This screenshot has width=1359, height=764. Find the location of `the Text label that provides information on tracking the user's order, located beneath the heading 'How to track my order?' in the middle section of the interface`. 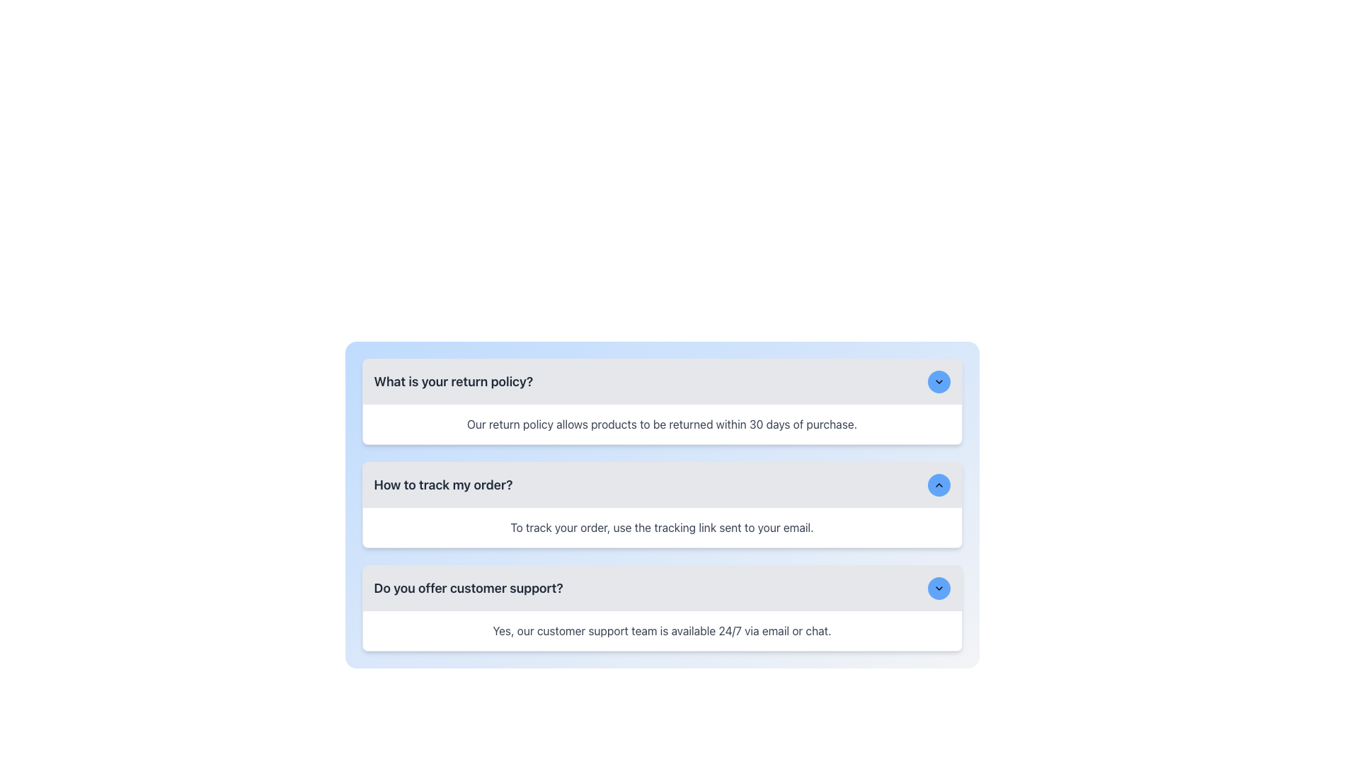

the Text label that provides information on tracking the user's order, located beneath the heading 'How to track my order?' in the middle section of the interface is located at coordinates (661, 527).